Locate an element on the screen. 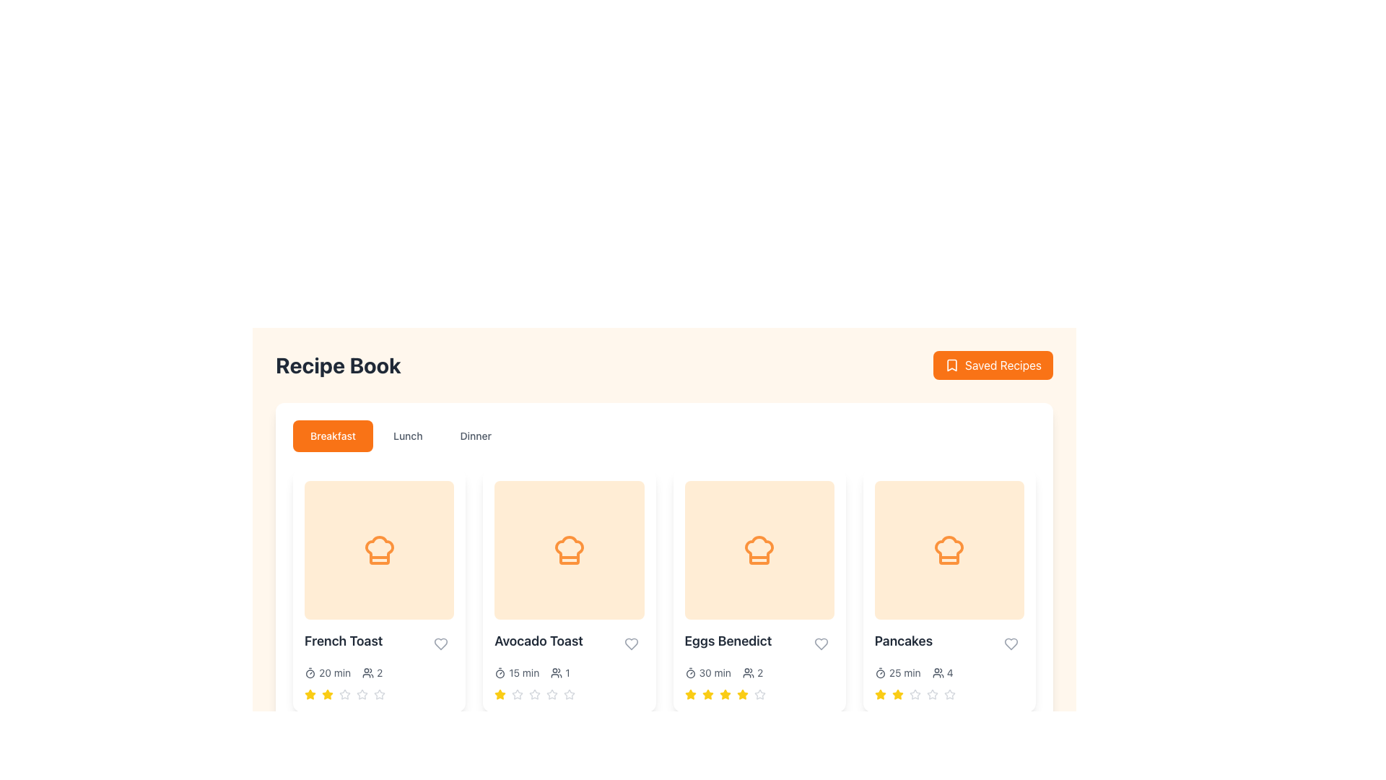 The height and width of the screenshot is (780, 1386). the heart icon button used to like or favorite the 'Avocado Toast' item is located at coordinates (631, 643).